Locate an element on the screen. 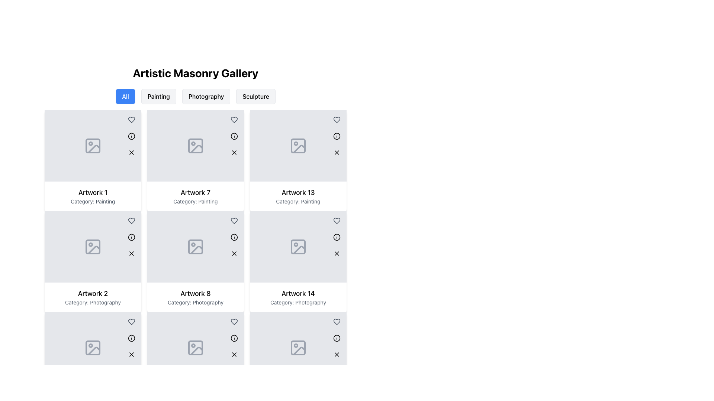 This screenshot has height=401, width=714. the graphical rectangle SVG component that is part of the image placeholder icon in the grid cell labeled 'Artwork 8, Category: Photography' is located at coordinates (196, 348).